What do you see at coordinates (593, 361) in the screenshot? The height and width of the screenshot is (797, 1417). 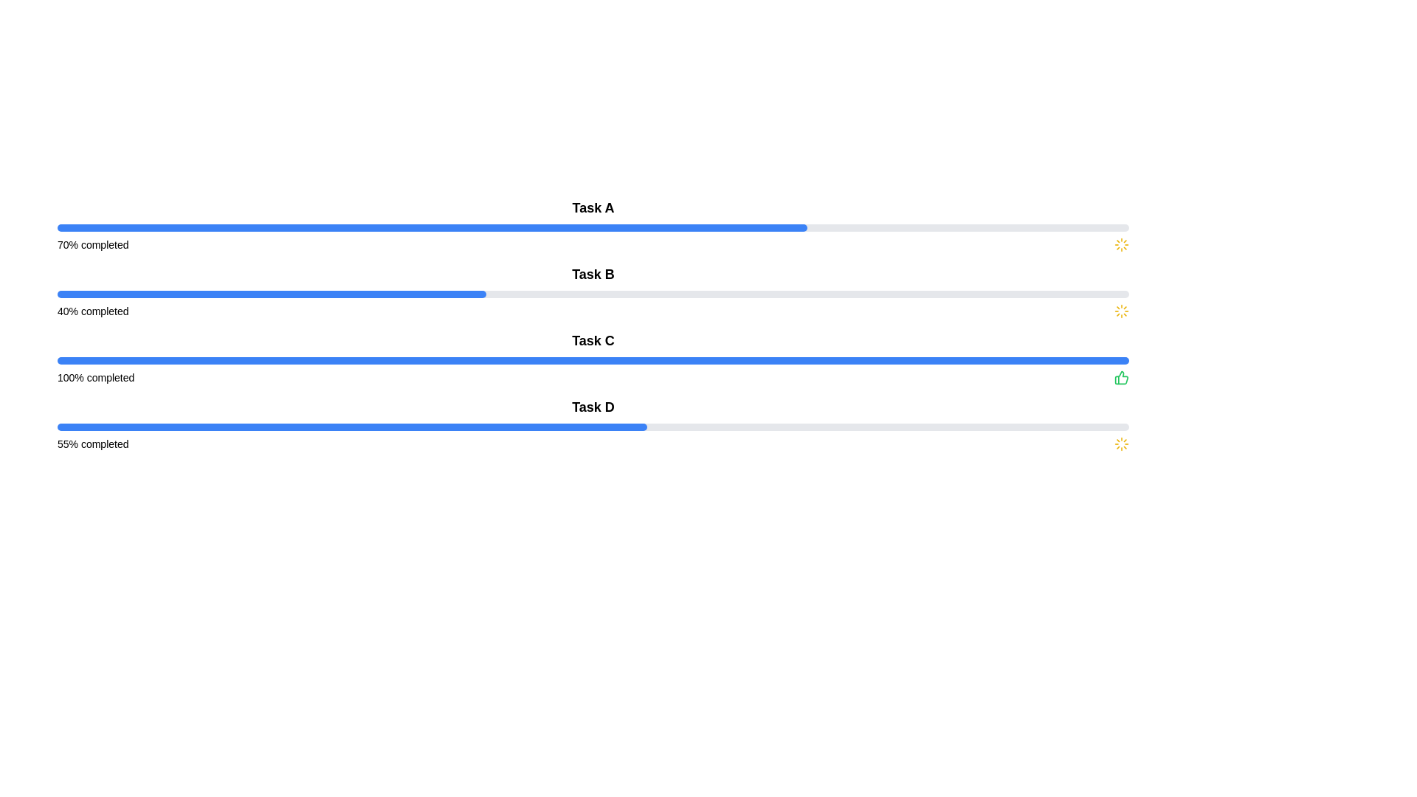 I see `the fully filled blue progress bar located in the 'Task C' section, situated between the title 'Task C' and the text '100% completed'` at bounding box center [593, 361].